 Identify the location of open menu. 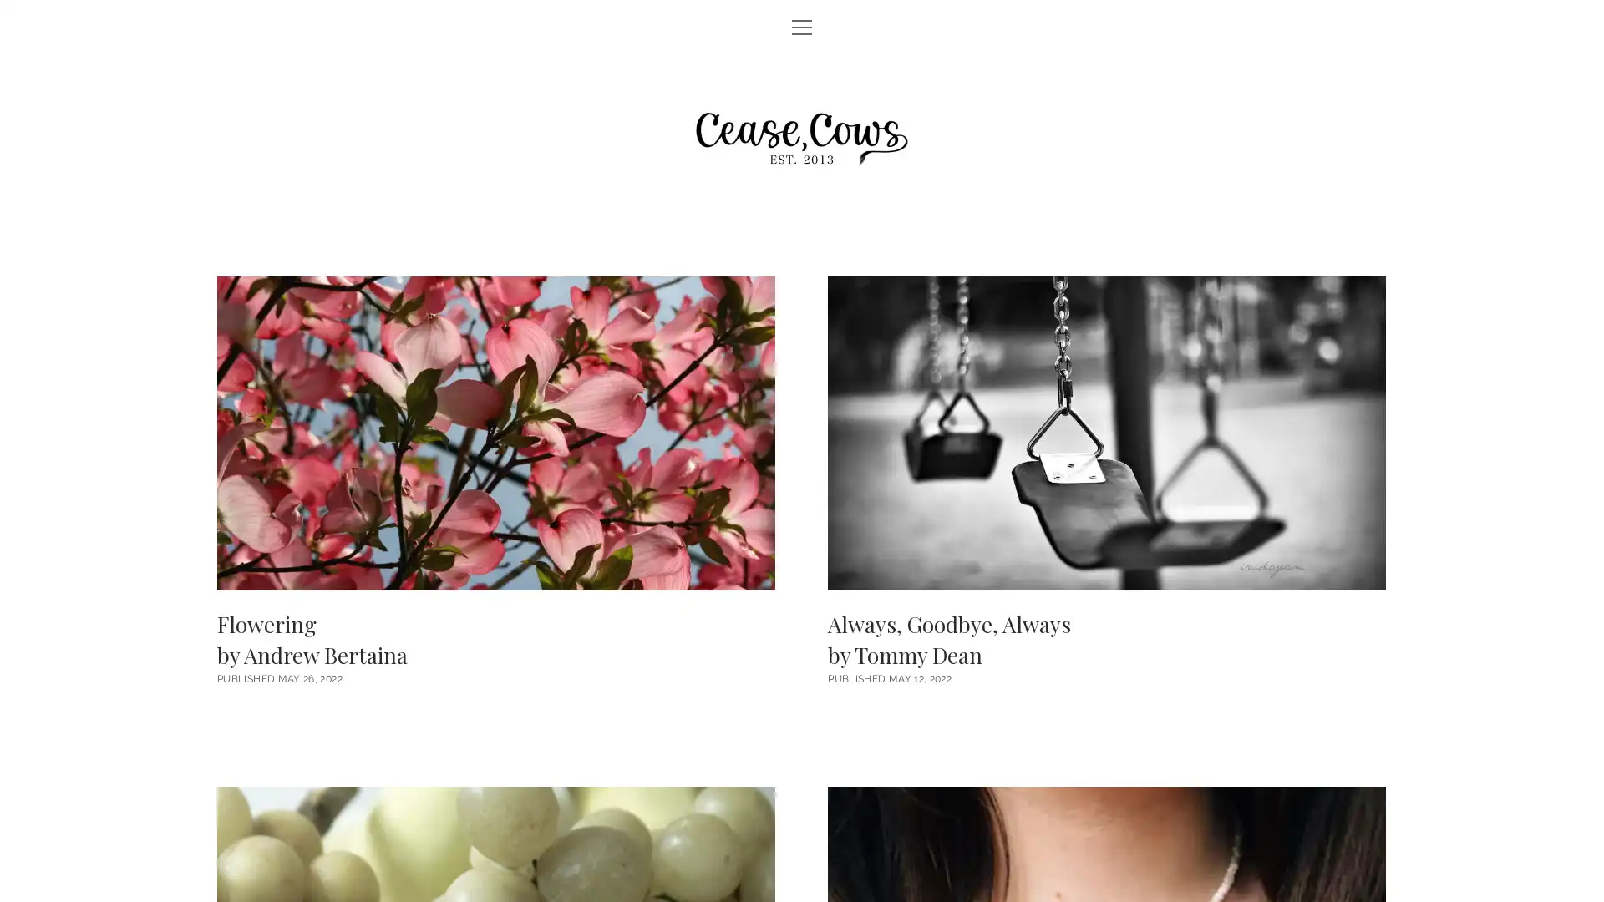
(802, 28).